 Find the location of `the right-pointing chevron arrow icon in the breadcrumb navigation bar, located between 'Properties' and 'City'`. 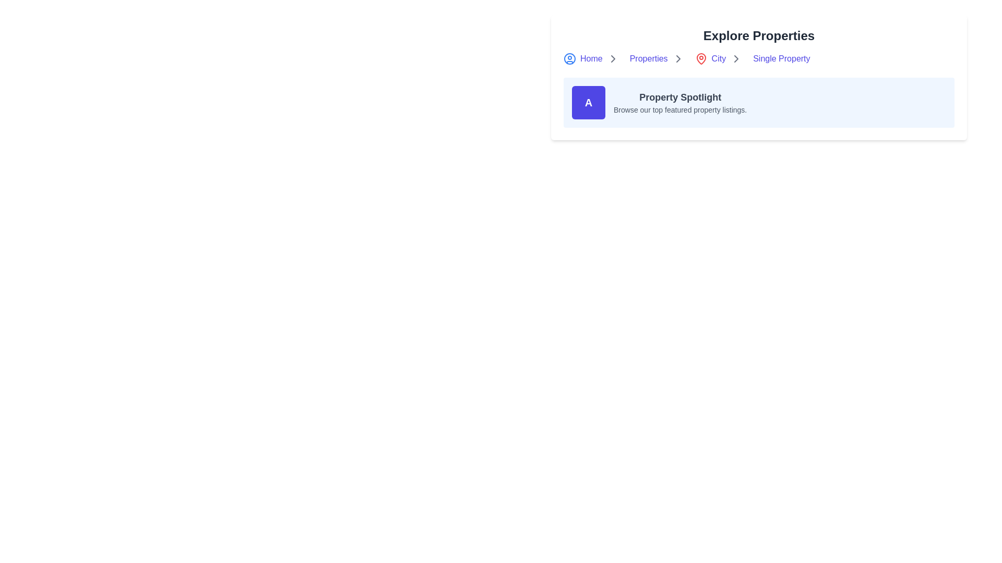

the right-pointing chevron arrow icon in the breadcrumb navigation bar, located between 'Properties' and 'City' is located at coordinates (678, 58).